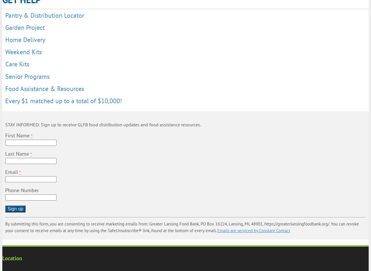 This screenshot has height=271, width=371. Describe the element at coordinates (5, 172) in the screenshot. I see `'Email'` at that location.